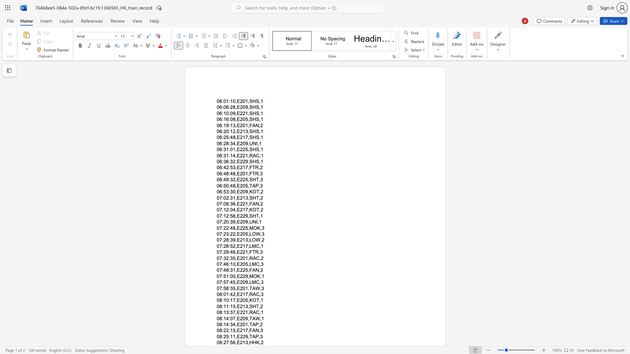 The width and height of the screenshot is (630, 354). I want to click on the space between the continuous character "1" and "1" in the text, so click(226, 306).